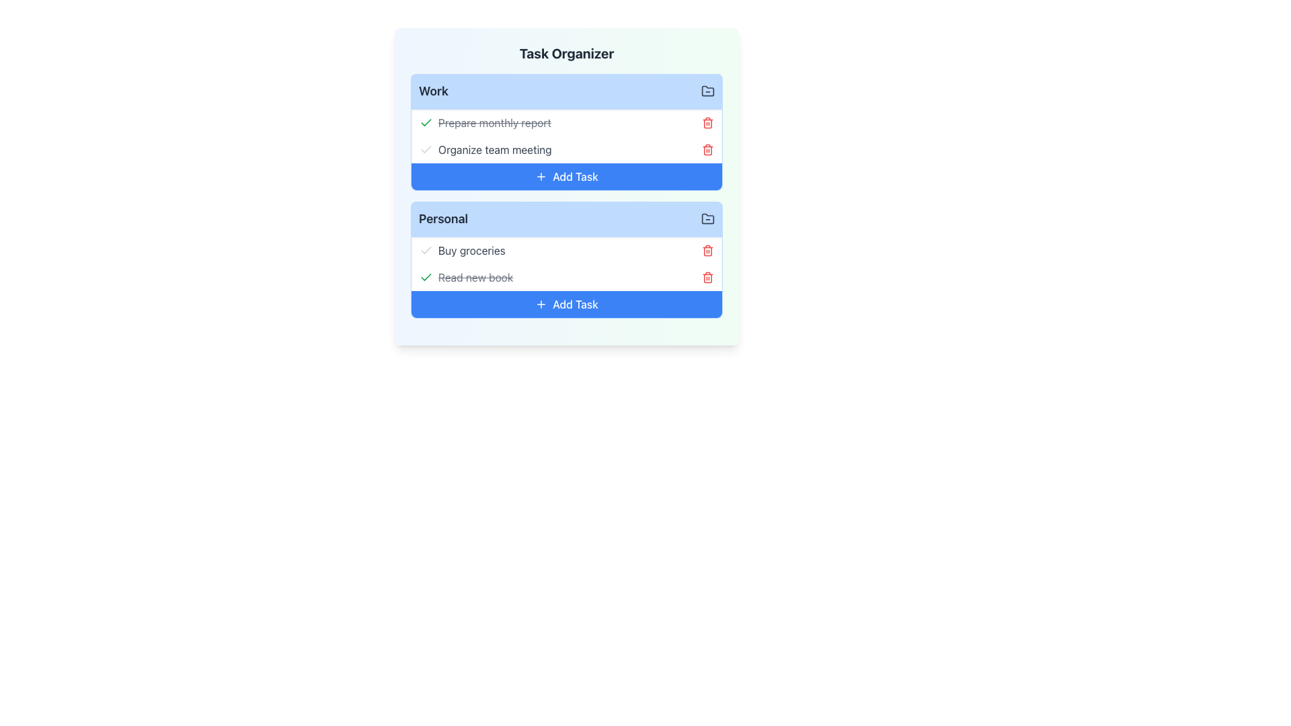  Describe the element at coordinates (541, 175) in the screenshot. I see `the centered blue plus icon within the 'Add Task' button` at that location.